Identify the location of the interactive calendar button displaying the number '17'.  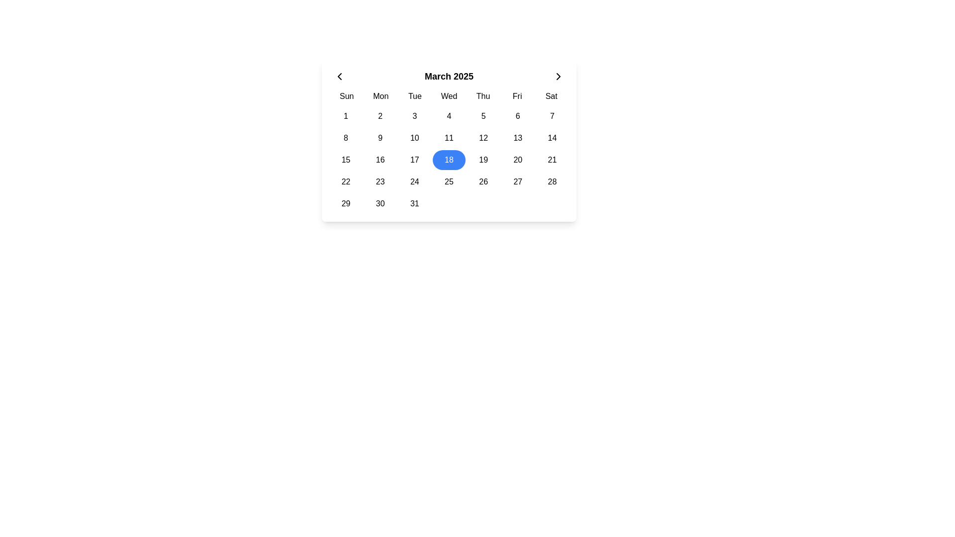
(414, 159).